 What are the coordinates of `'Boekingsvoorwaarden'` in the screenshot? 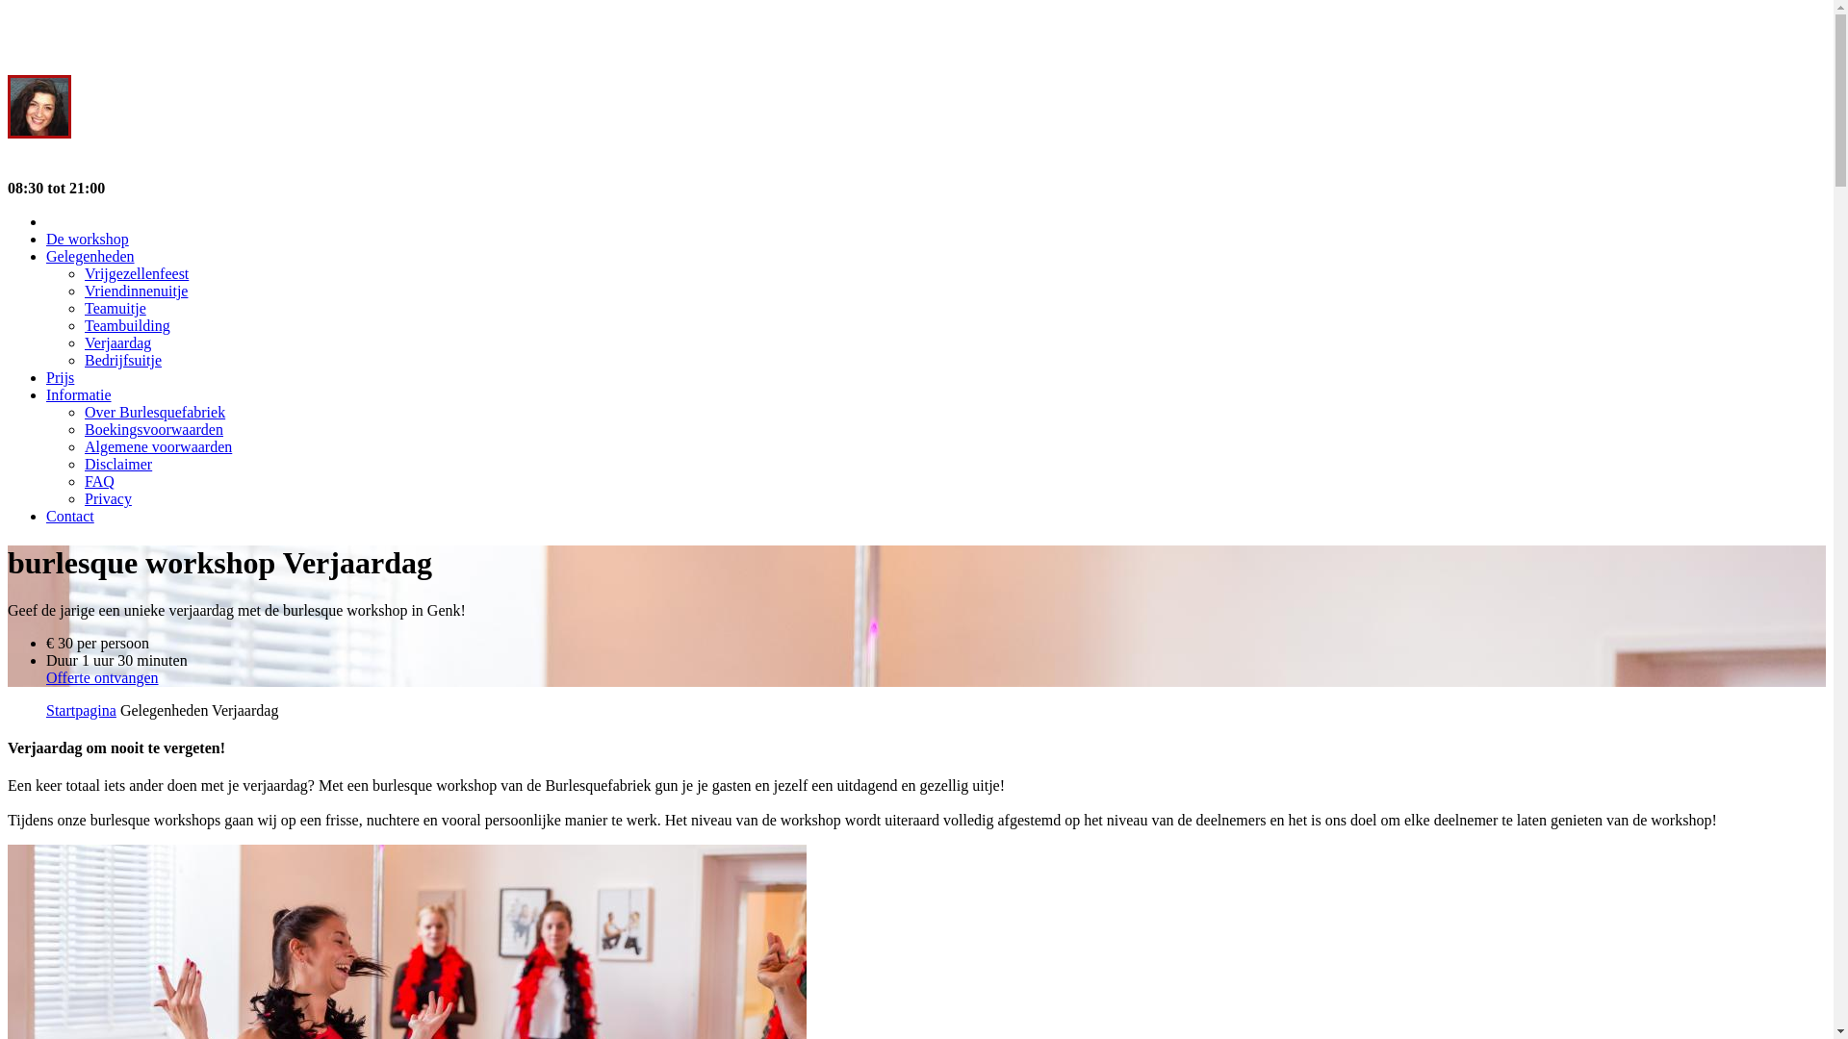 It's located at (83, 428).